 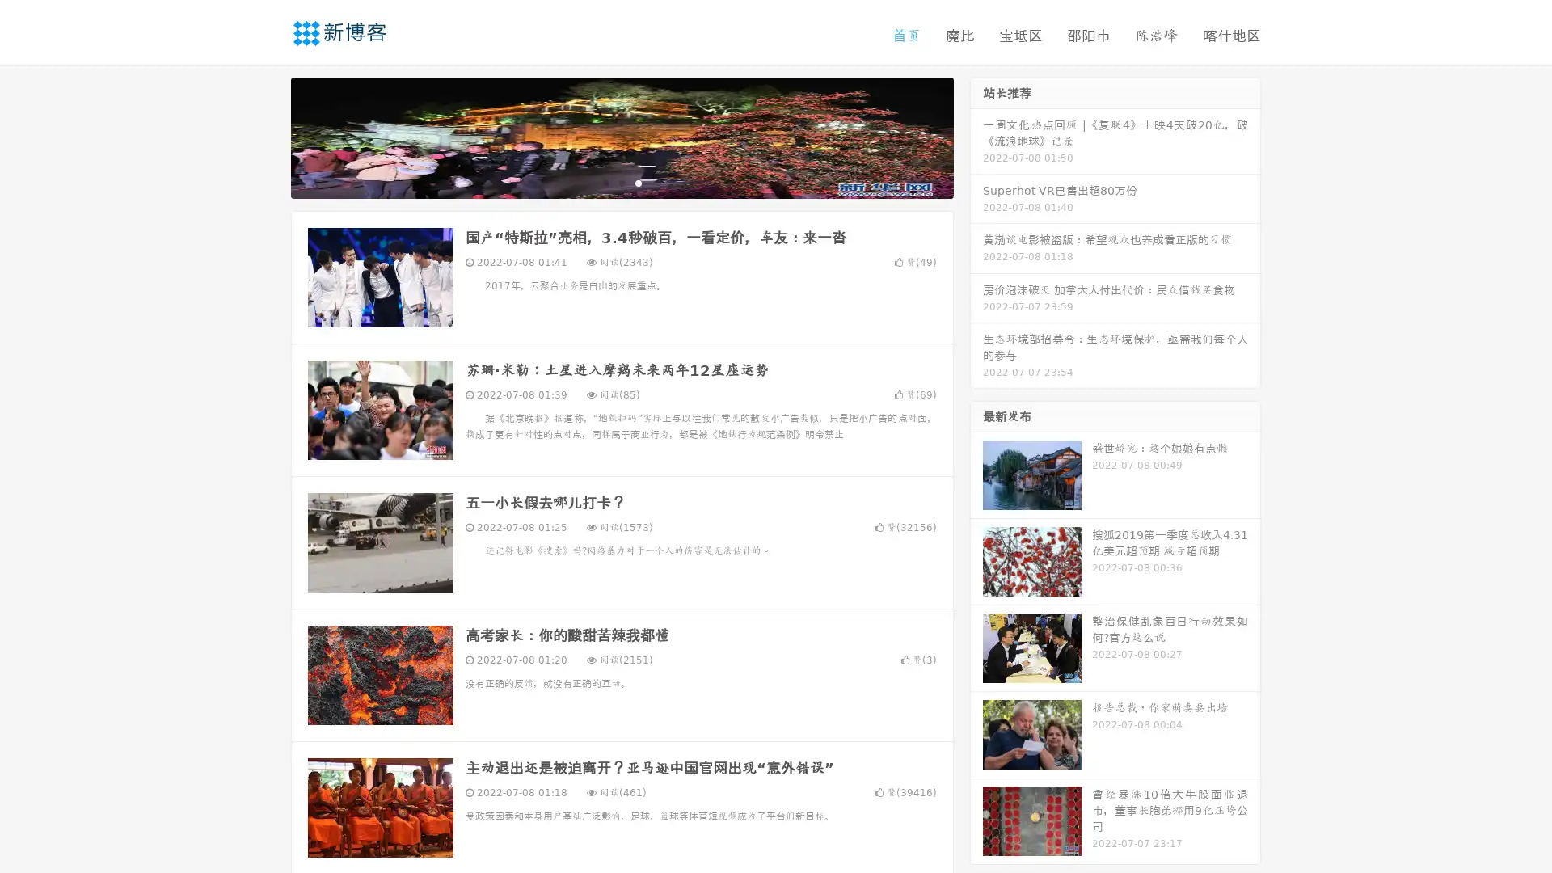 What do you see at coordinates (267, 136) in the screenshot?
I see `Previous slide` at bounding box center [267, 136].